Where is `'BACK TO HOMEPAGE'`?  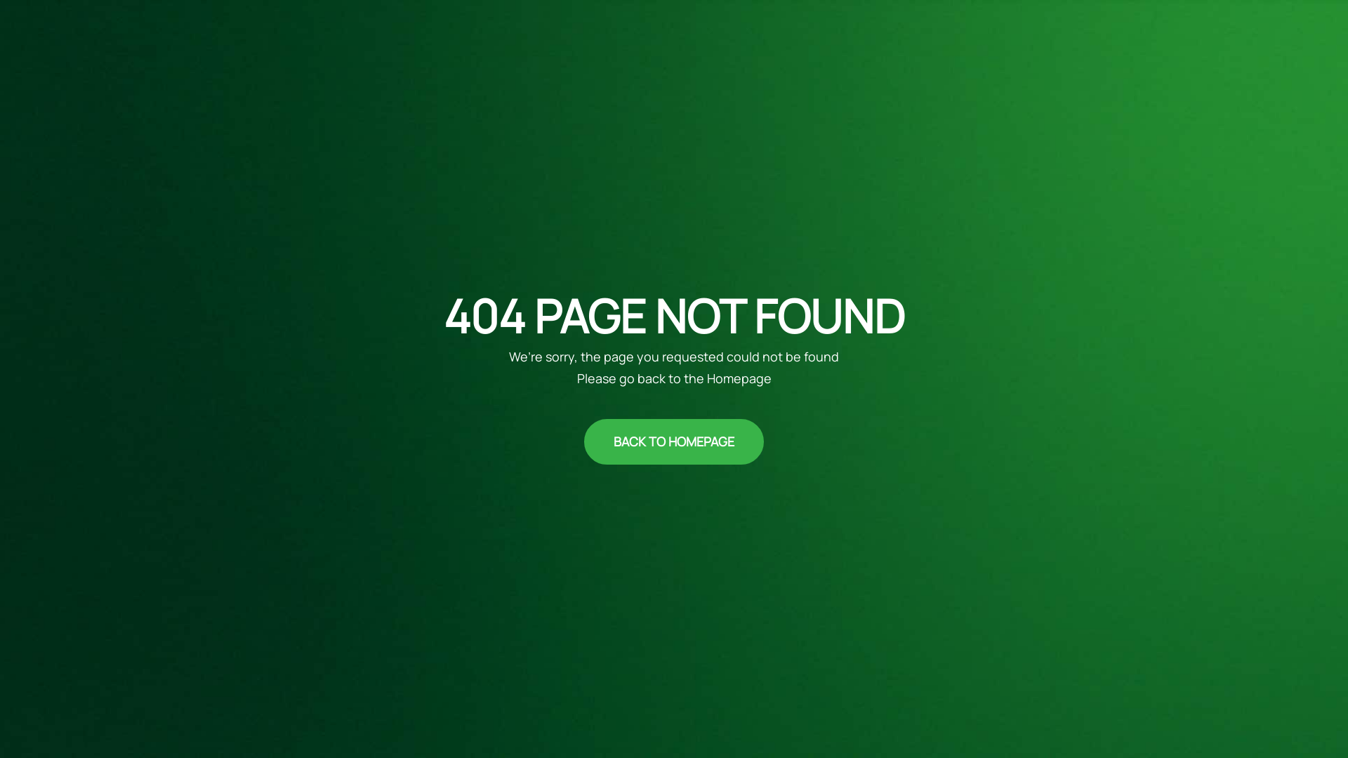
'BACK TO HOMEPAGE' is located at coordinates (674, 441).